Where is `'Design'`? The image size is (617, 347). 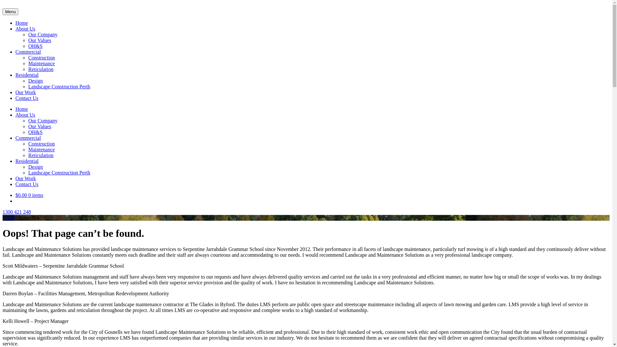 'Design' is located at coordinates (28, 80).